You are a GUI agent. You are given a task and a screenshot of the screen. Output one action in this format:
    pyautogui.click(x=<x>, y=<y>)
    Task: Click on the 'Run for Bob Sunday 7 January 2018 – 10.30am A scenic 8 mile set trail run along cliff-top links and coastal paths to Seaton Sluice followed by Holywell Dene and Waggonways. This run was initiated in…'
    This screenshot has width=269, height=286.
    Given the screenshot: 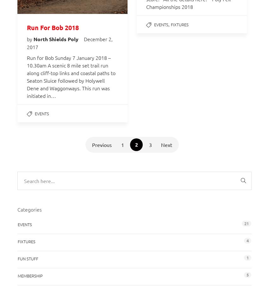 What is the action you would take?
    pyautogui.click(x=27, y=76)
    